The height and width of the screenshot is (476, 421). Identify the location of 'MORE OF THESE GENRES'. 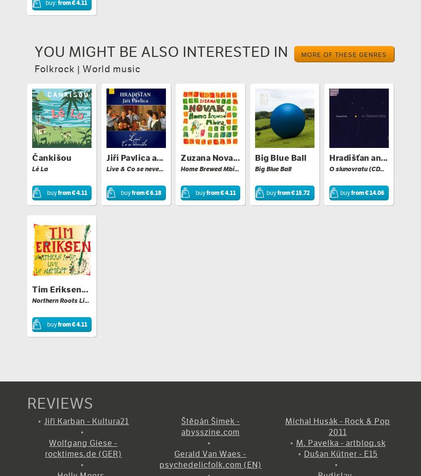
(343, 53).